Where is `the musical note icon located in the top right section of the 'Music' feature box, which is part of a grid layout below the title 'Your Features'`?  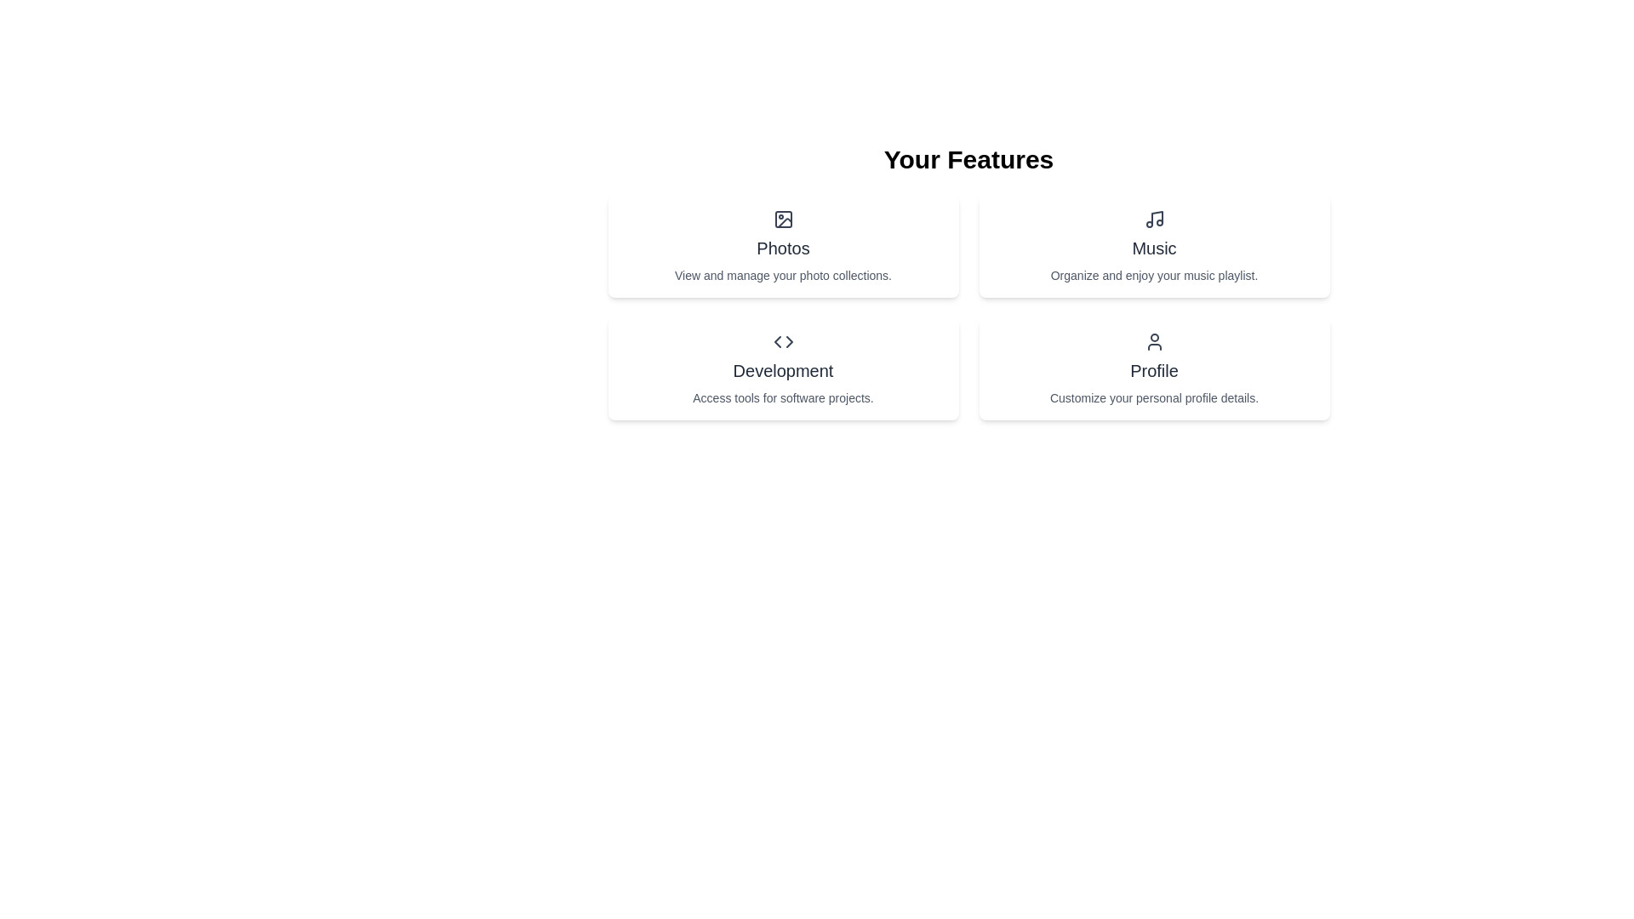 the musical note icon located in the top right section of the 'Music' feature box, which is part of a grid layout below the title 'Your Features' is located at coordinates (1157, 217).